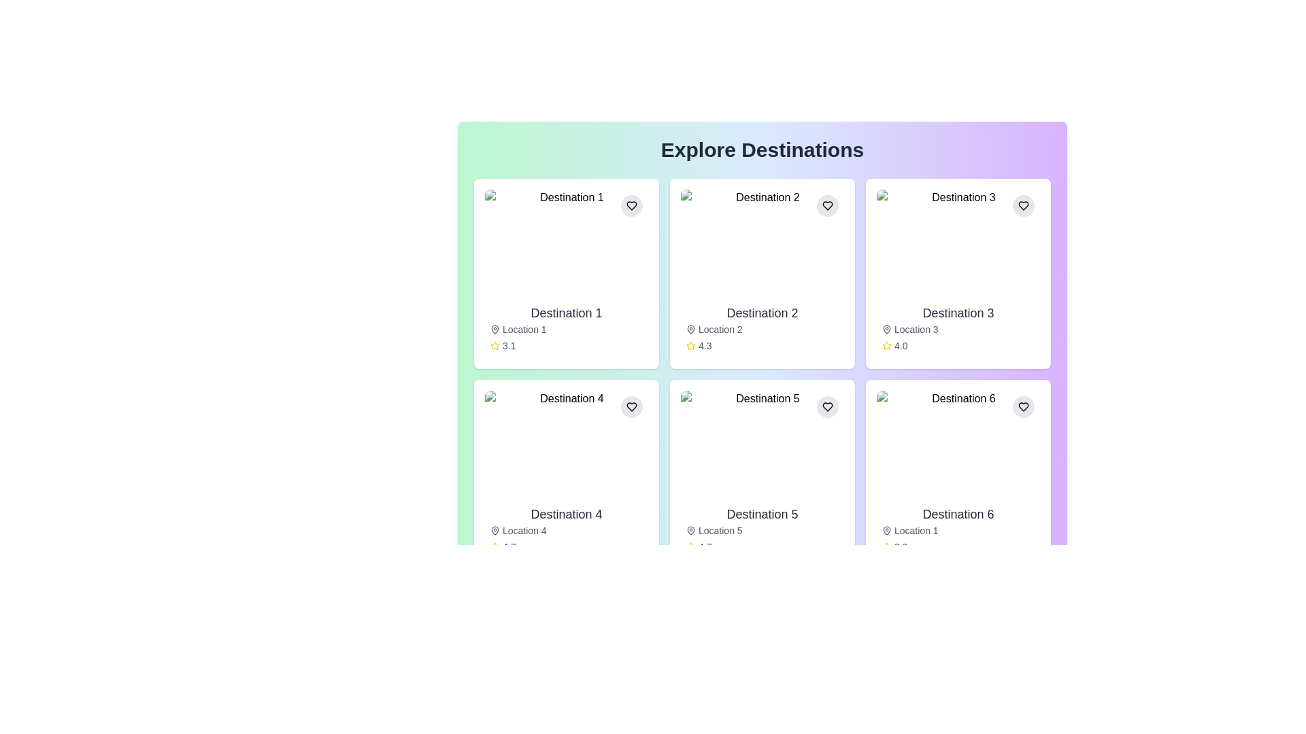 The width and height of the screenshot is (1306, 734). Describe the element at coordinates (827, 206) in the screenshot. I see `the heart-shaped icon with a thin, dark stroke and a hollow center located in the top-right corner of the tile labeled 'Destination 2'` at that location.